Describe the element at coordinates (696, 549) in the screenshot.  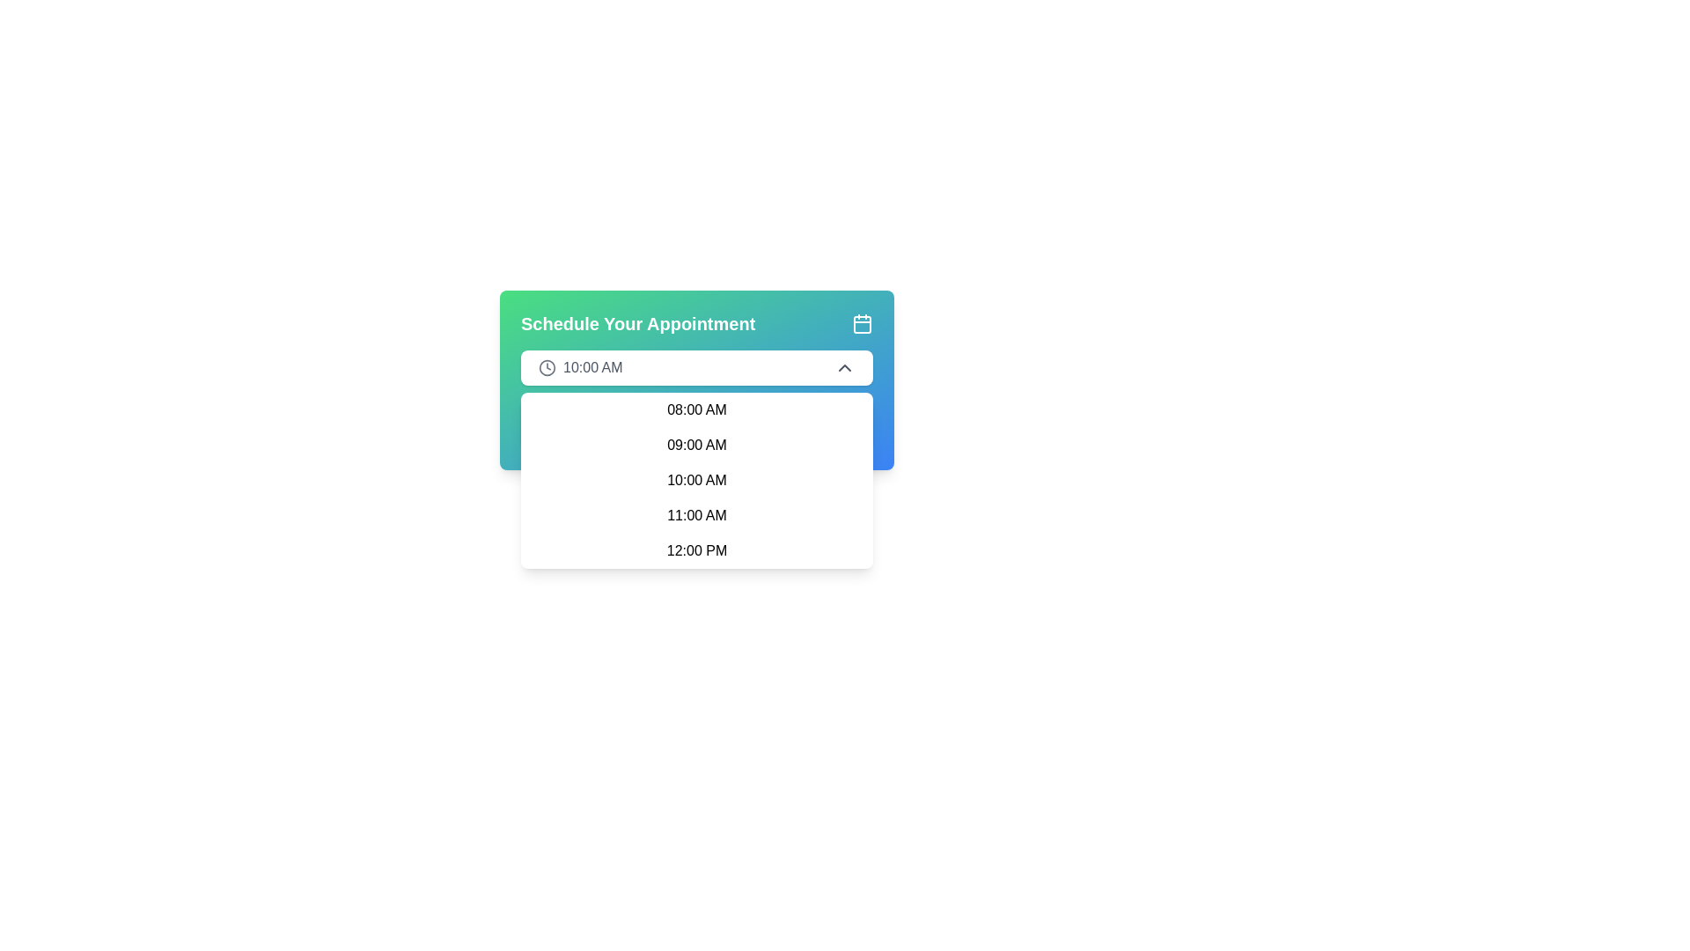
I see `the selectable time option text label located at the bottommost position of the dropdown menu, below the 11:00 AM label` at that location.